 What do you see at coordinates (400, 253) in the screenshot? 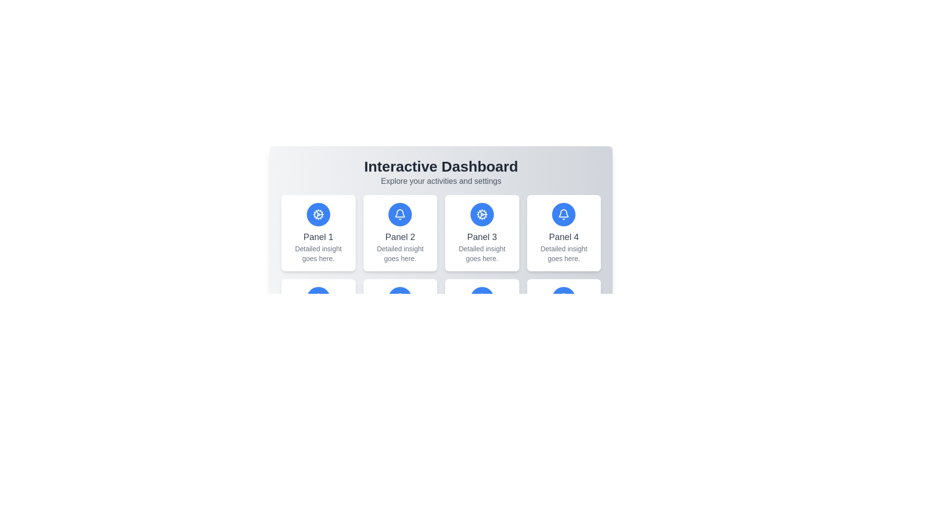
I see `descriptive text located within the card labeled 'Panel 2', positioned below the title of the card` at bounding box center [400, 253].